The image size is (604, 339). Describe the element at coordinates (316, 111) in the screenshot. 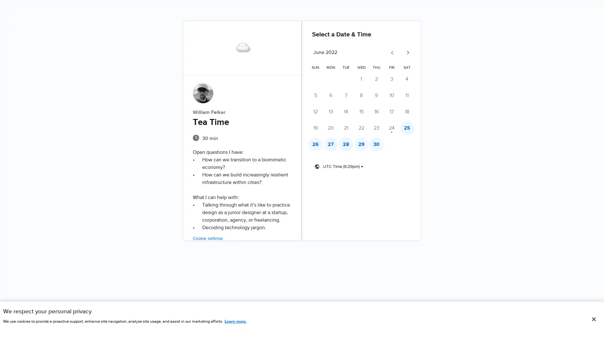

I see `Sunday, June 12 - No times available` at that location.